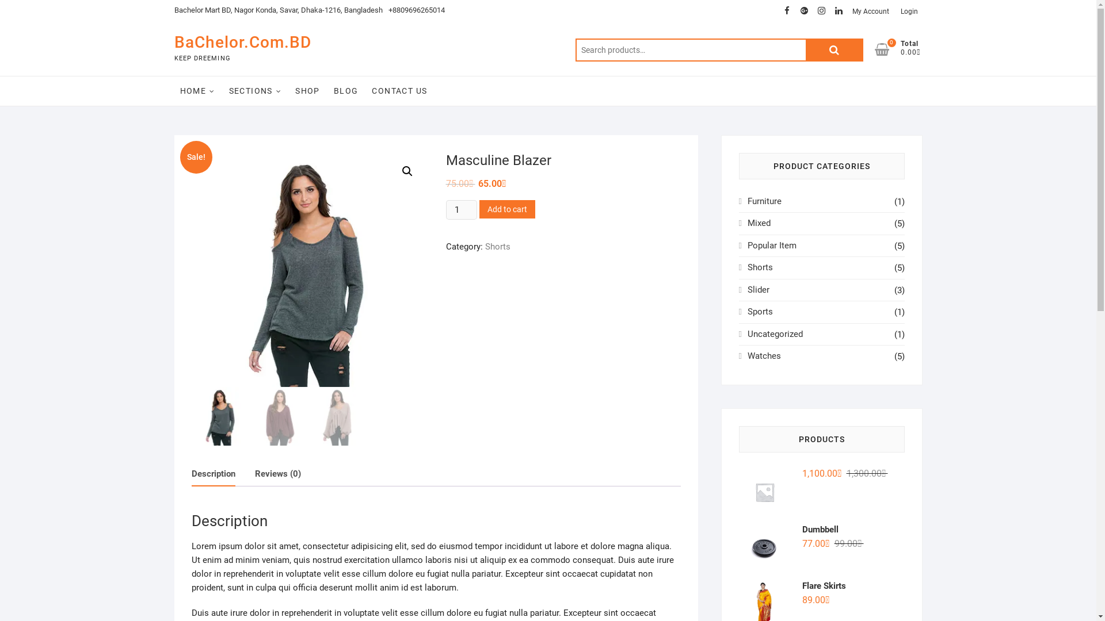  Describe the element at coordinates (212, 474) in the screenshot. I see `'Description'` at that location.